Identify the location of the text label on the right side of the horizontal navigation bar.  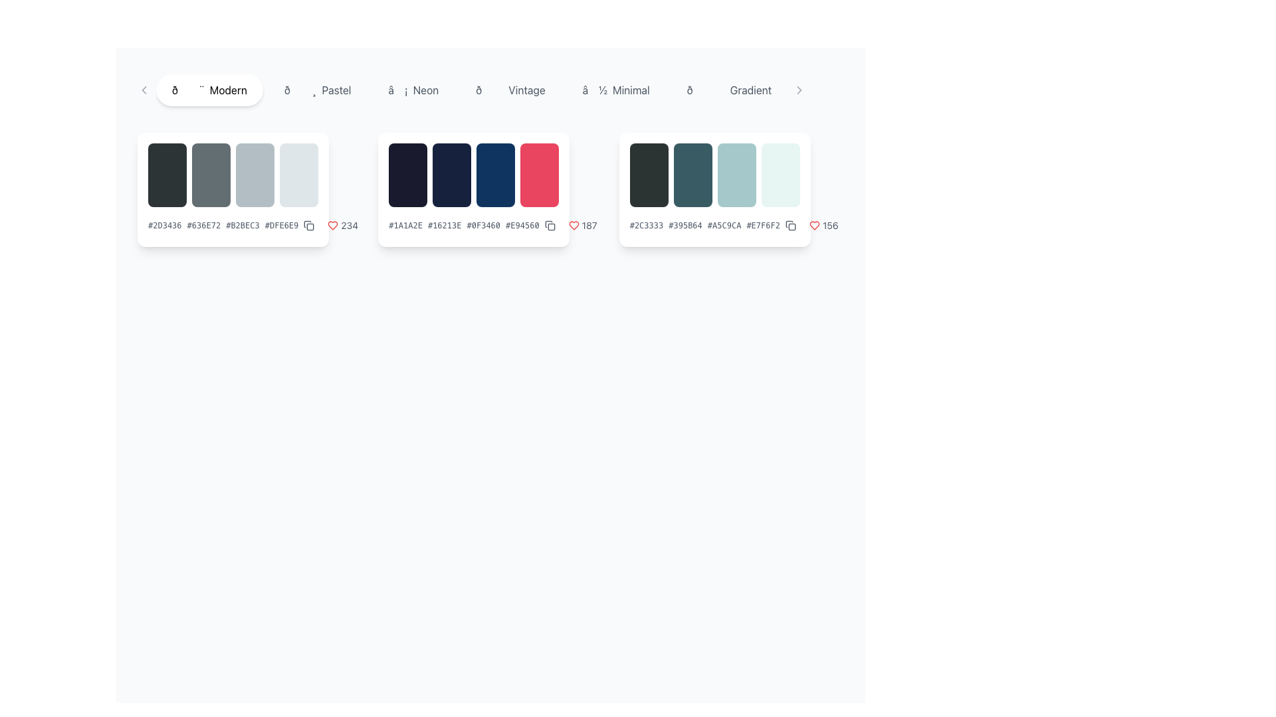
(750, 90).